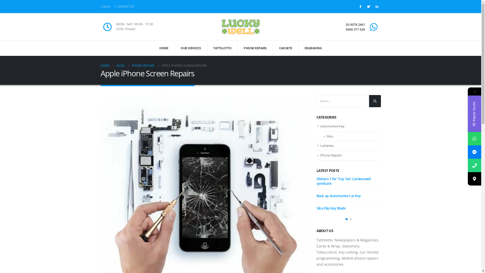 This screenshot has width=485, height=273. What do you see at coordinates (105, 65) in the screenshot?
I see `'HOME'` at bounding box center [105, 65].